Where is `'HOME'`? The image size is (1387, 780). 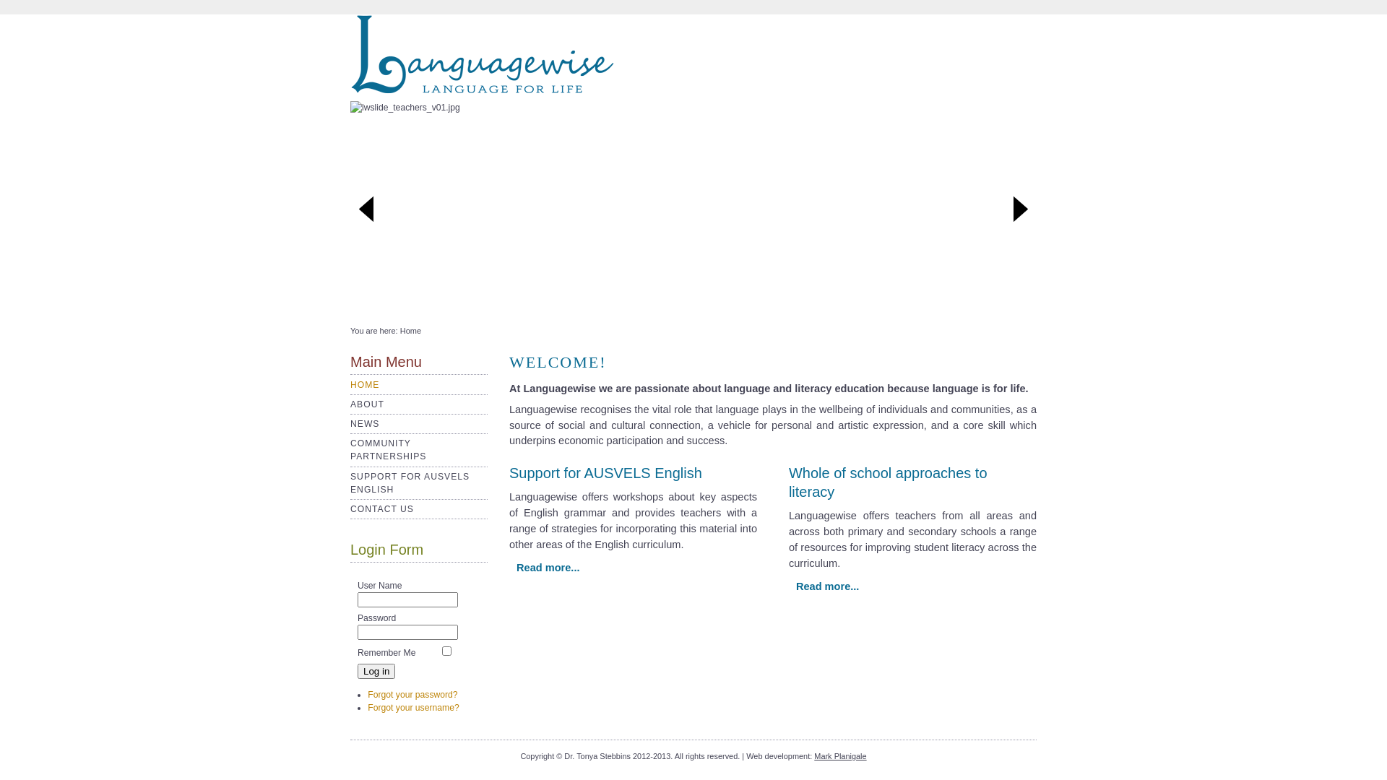 'HOME' is located at coordinates (350, 383).